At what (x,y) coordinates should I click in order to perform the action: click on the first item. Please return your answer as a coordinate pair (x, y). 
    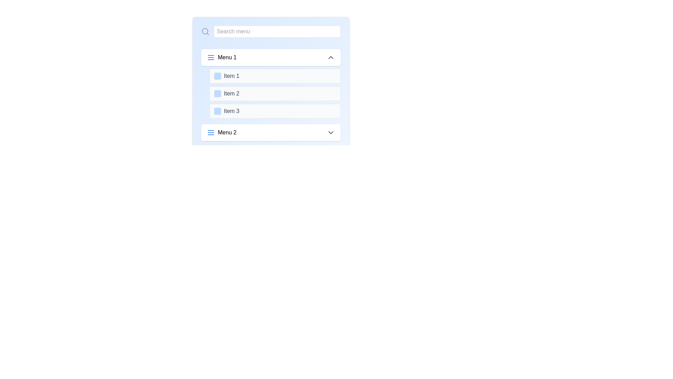
    Looking at the image, I should click on (274, 76).